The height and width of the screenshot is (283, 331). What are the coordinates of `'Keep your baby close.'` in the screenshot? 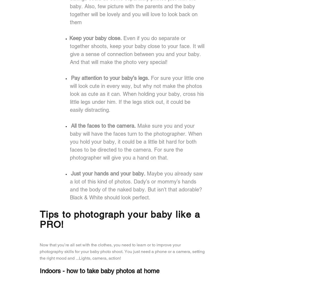 It's located at (69, 37).